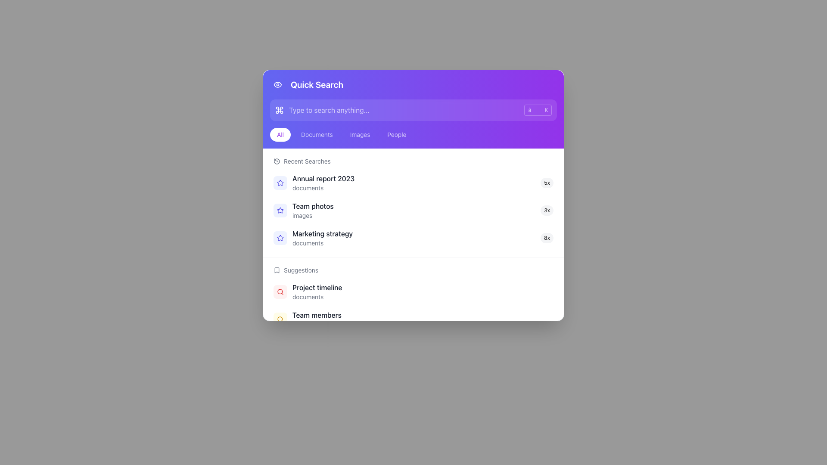 This screenshot has width=827, height=465. Describe the element at coordinates (280, 238) in the screenshot. I see `the star icon with a hollow center and blue outline, located to the left of the 'Team photos' text in the 'Recent Searches' section` at that location.